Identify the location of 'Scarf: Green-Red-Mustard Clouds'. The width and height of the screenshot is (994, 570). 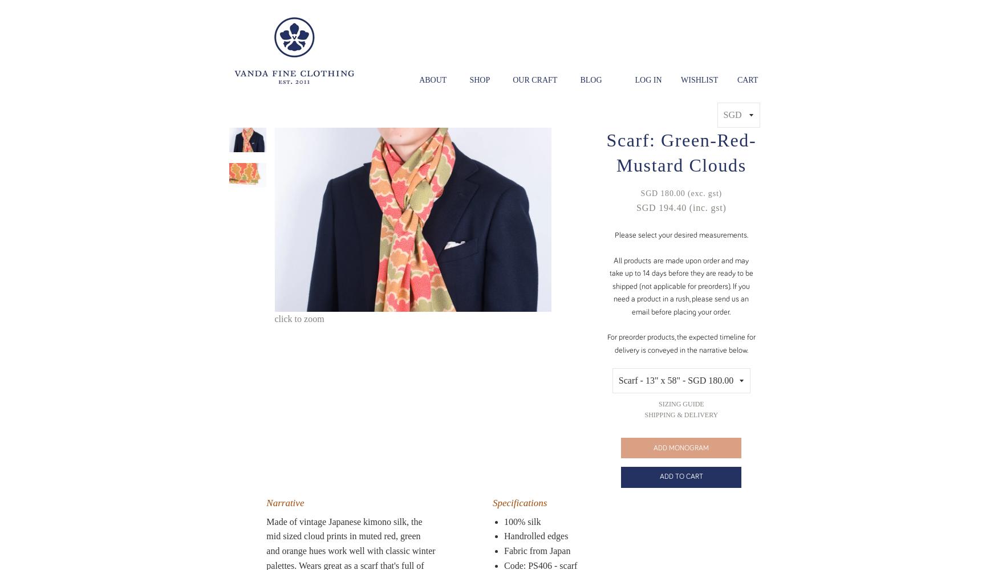
(681, 152).